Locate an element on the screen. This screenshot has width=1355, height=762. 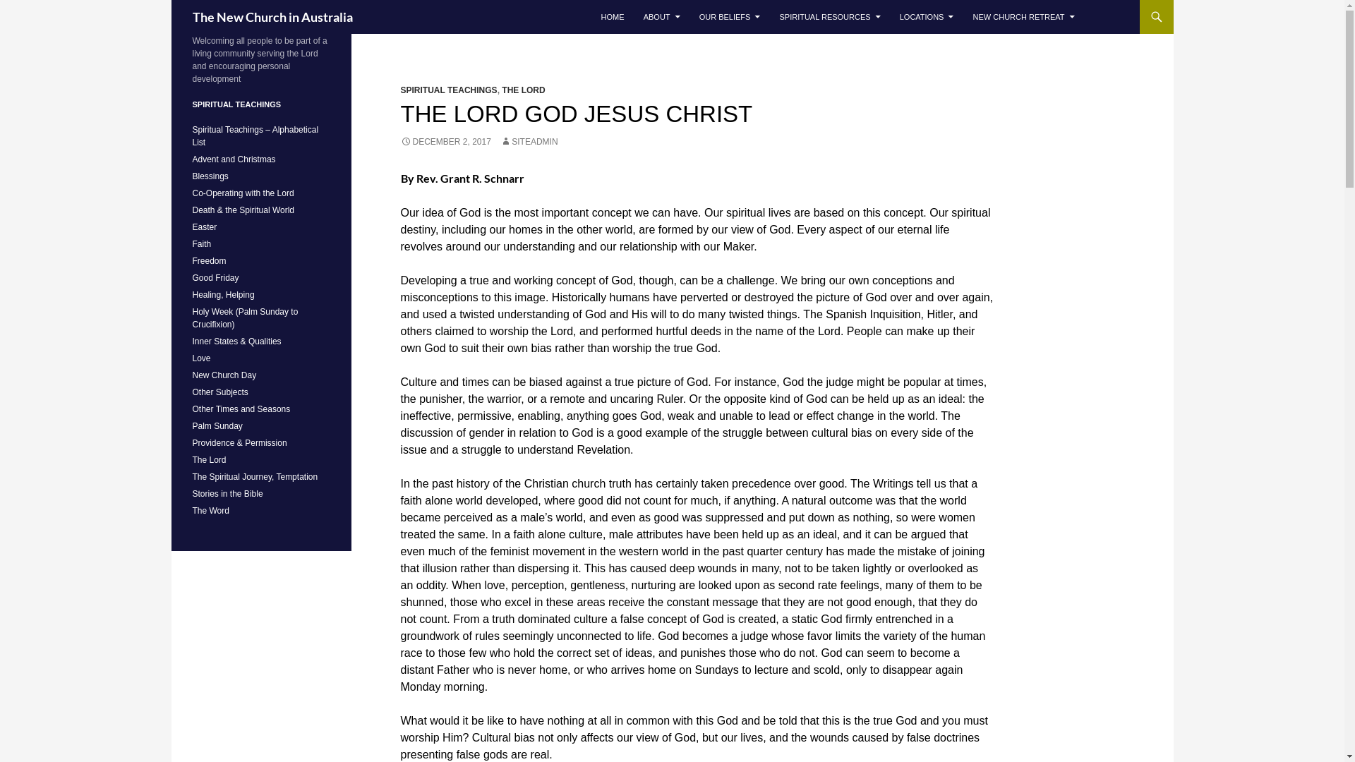
'The Word' is located at coordinates (209, 511).